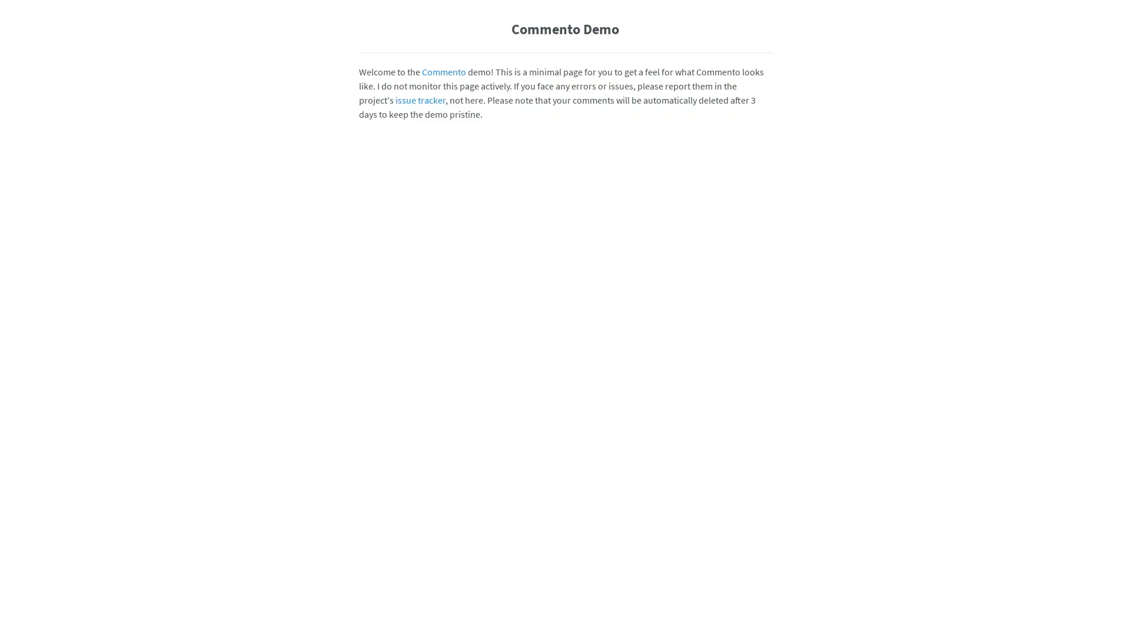 Image resolution: width=1130 pixels, height=636 pixels. Describe the element at coordinates (744, 324) in the screenshot. I see `Downvote` at that location.